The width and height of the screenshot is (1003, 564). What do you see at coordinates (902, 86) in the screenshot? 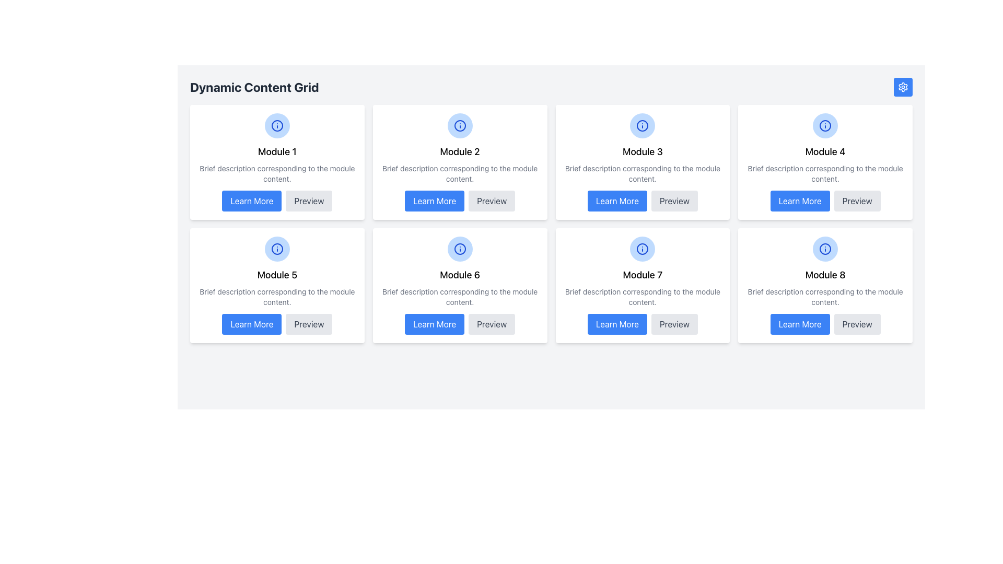
I see `the settings gear icon located in the top right corner of the interface, characterized by its blue color and circular pattern` at bounding box center [902, 86].